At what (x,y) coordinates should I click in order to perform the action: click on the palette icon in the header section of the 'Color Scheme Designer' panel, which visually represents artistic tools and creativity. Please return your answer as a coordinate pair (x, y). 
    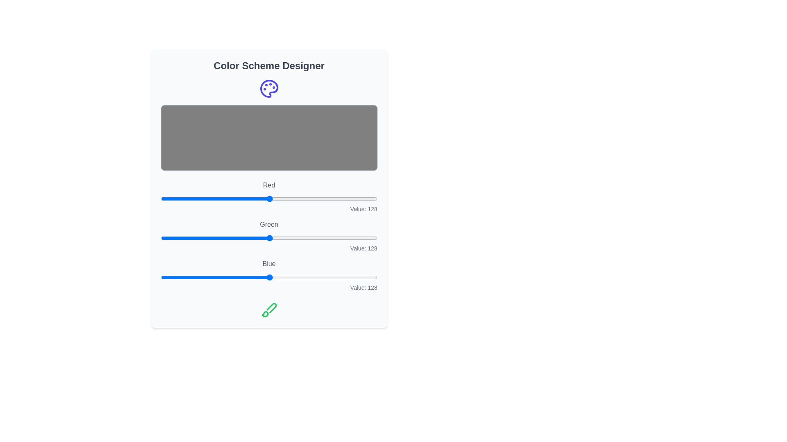
    Looking at the image, I should click on (269, 88).